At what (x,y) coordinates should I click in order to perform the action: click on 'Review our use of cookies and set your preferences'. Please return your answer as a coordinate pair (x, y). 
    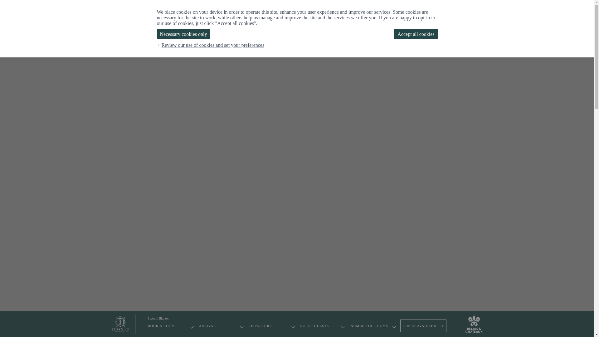
    Looking at the image, I should click on (211, 45).